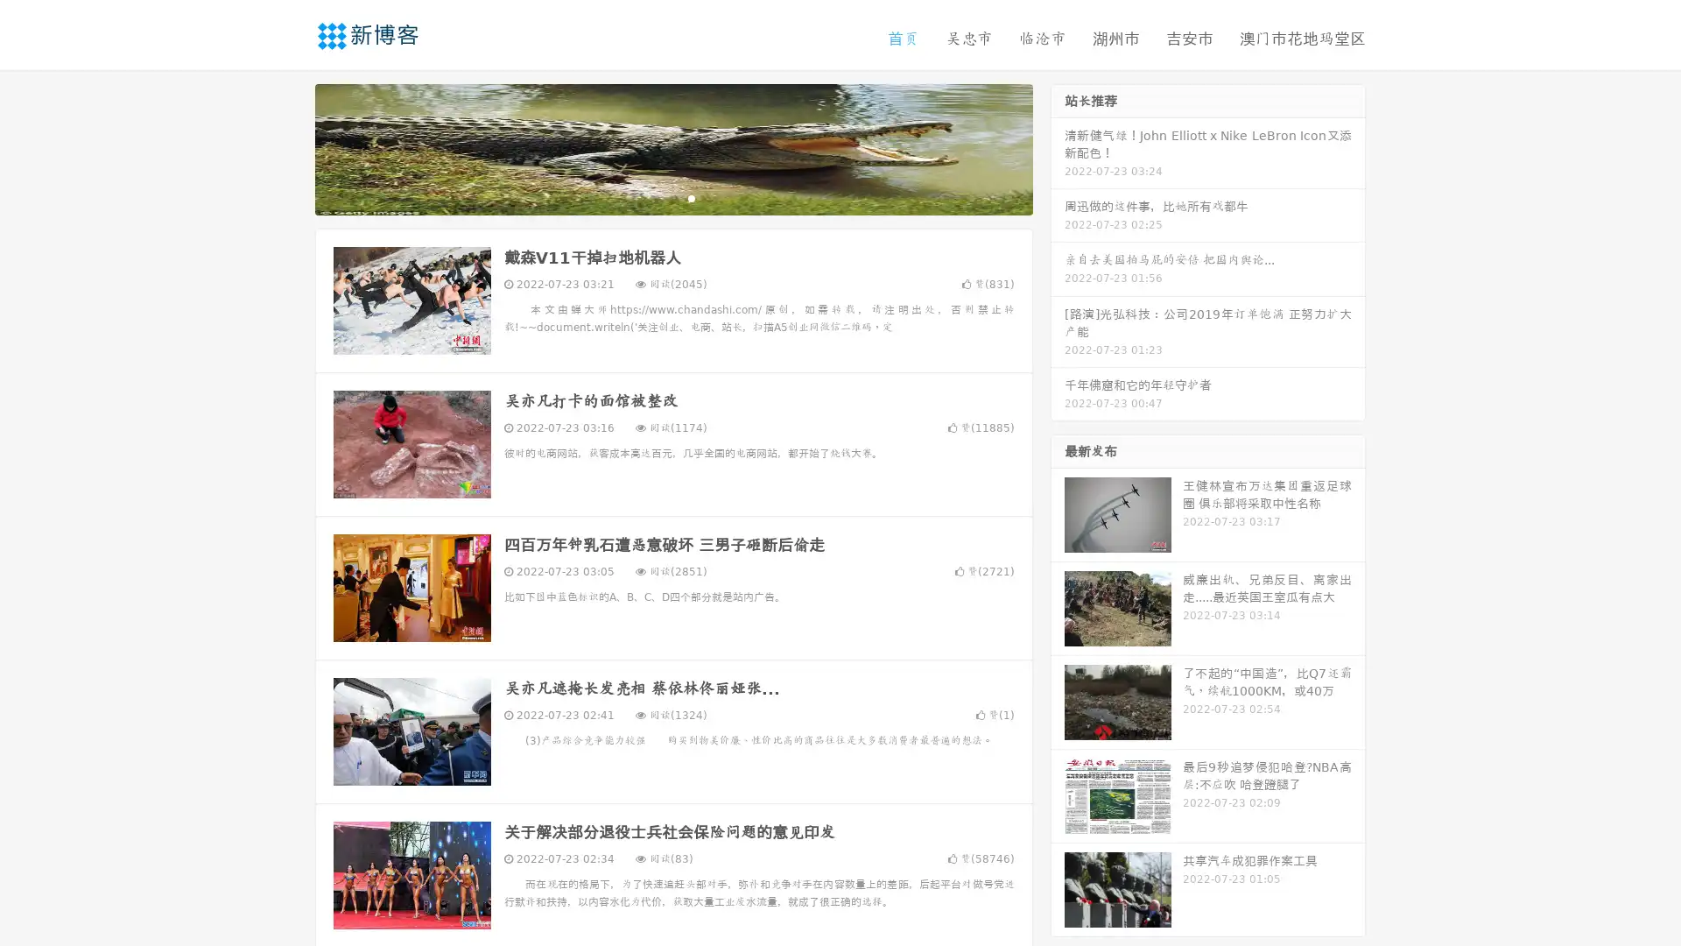 The width and height of the screenshot is (1681, 946). What do you see at coordinates (289, 147) in the screenshot?
I see `Previous slide` at bounding box center [289, 147].